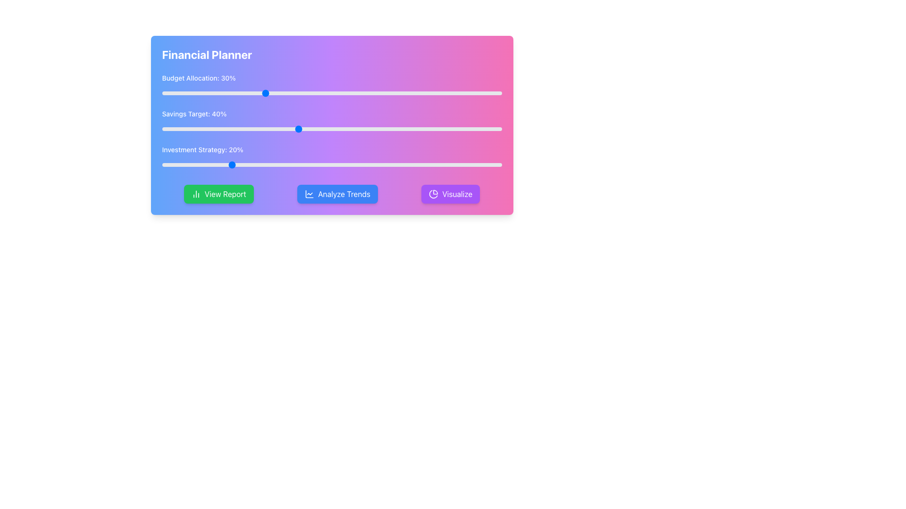 Image resolution: width=906 pixels, height=509 pixels. I want to click on the SVG Icon located inside the 'Visualize' button, positioned to the left of the button's text, so click(433, 194).